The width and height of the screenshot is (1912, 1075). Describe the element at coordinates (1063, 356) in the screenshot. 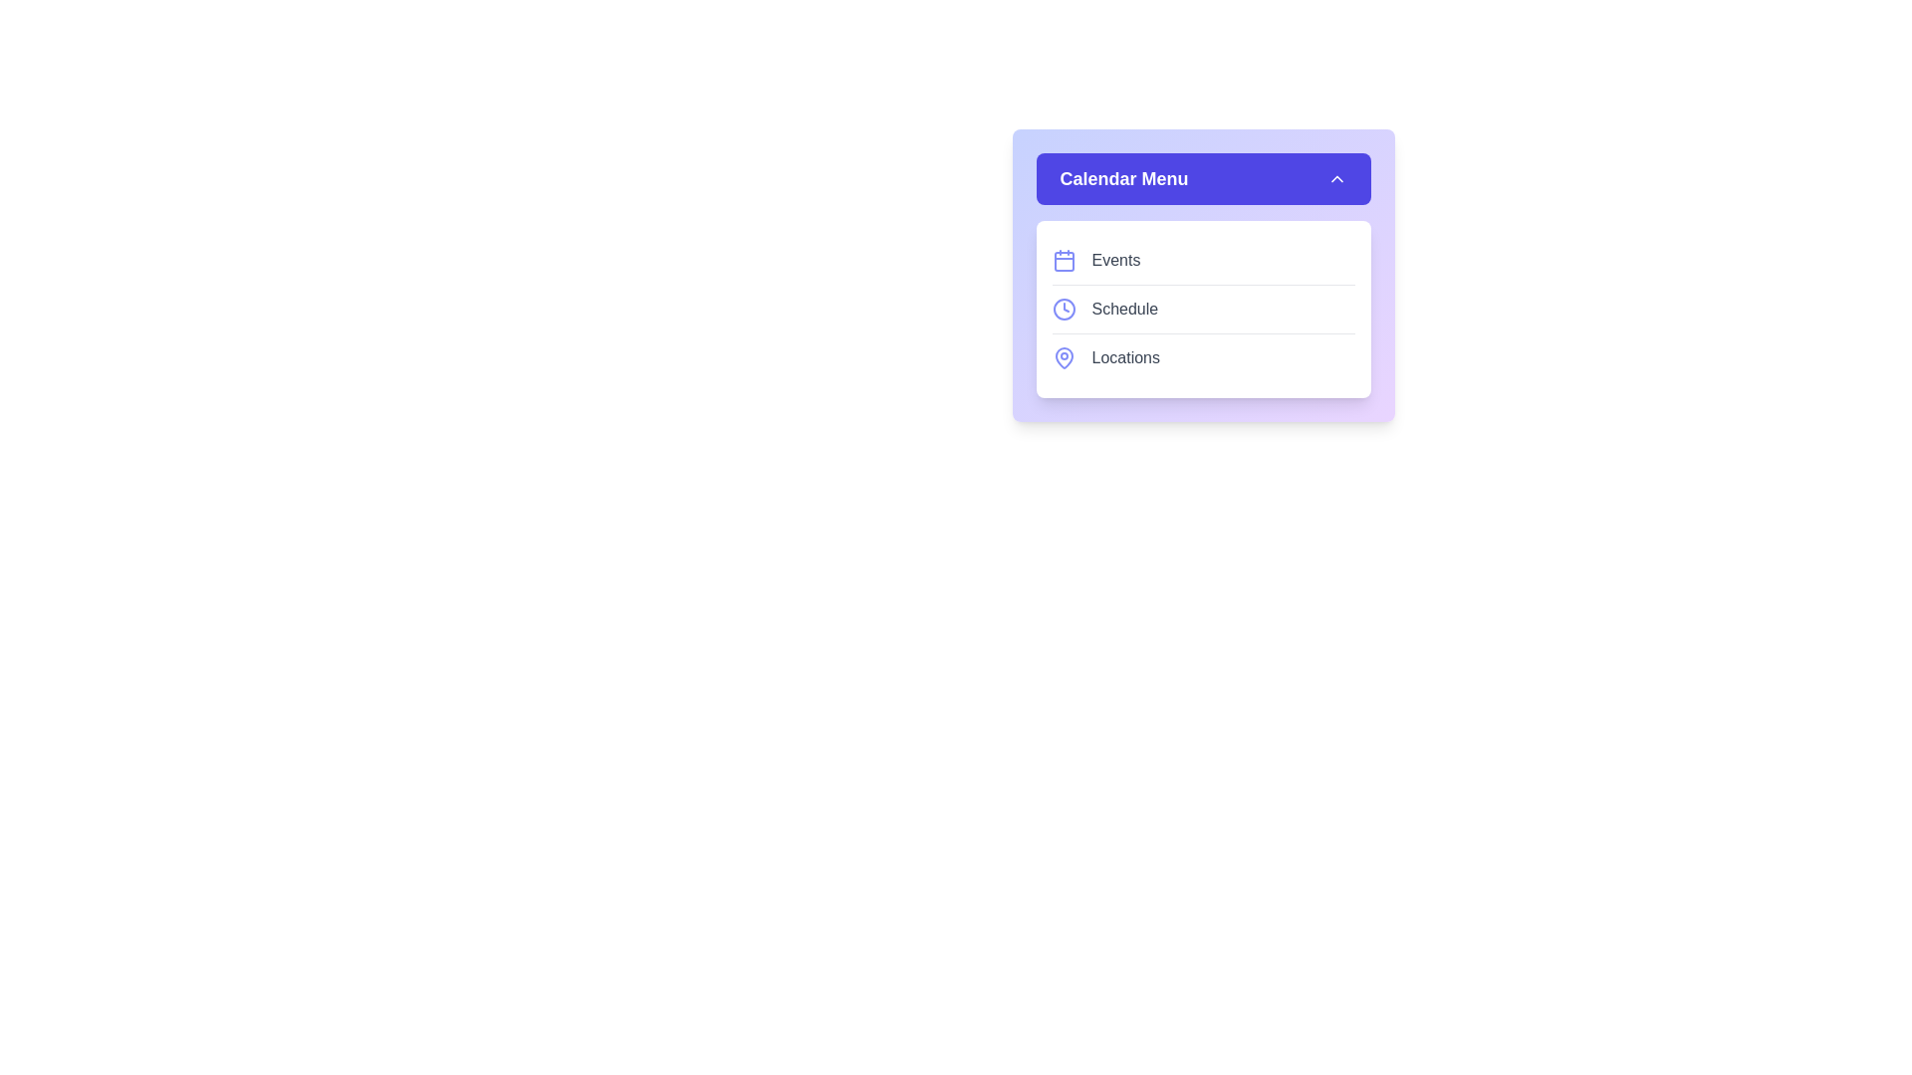

I see `the icon corresponding to the menu item Locations` at that location.